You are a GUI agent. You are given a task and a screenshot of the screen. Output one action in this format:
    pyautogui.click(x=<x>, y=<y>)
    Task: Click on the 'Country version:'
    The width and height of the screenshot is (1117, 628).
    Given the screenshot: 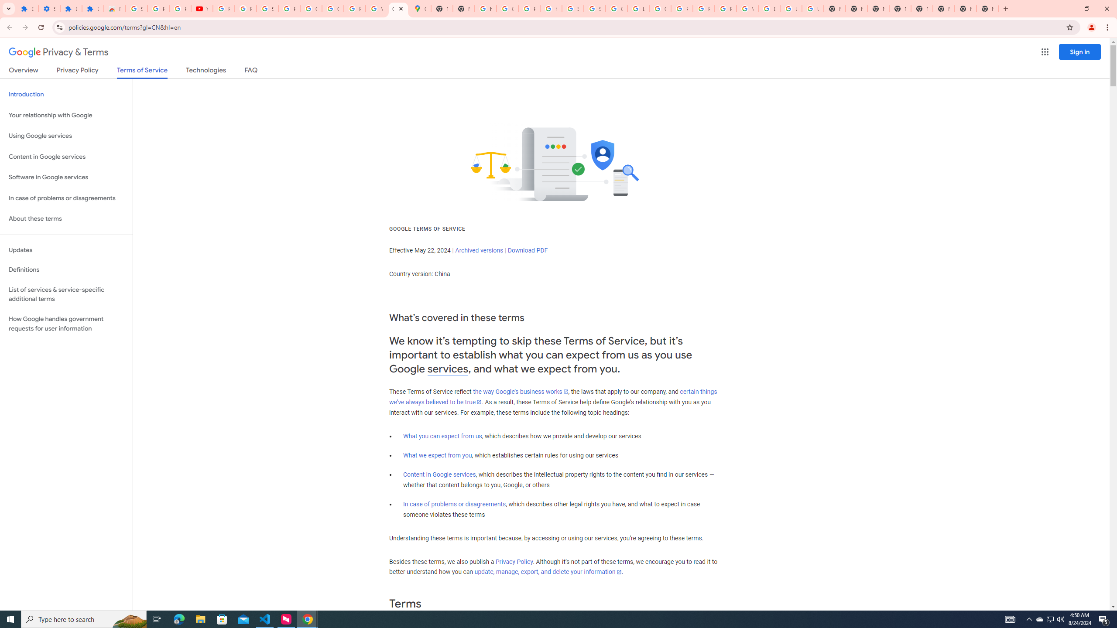 What is the action you would take?
    pyautogui.click(x=411, y=274)
    